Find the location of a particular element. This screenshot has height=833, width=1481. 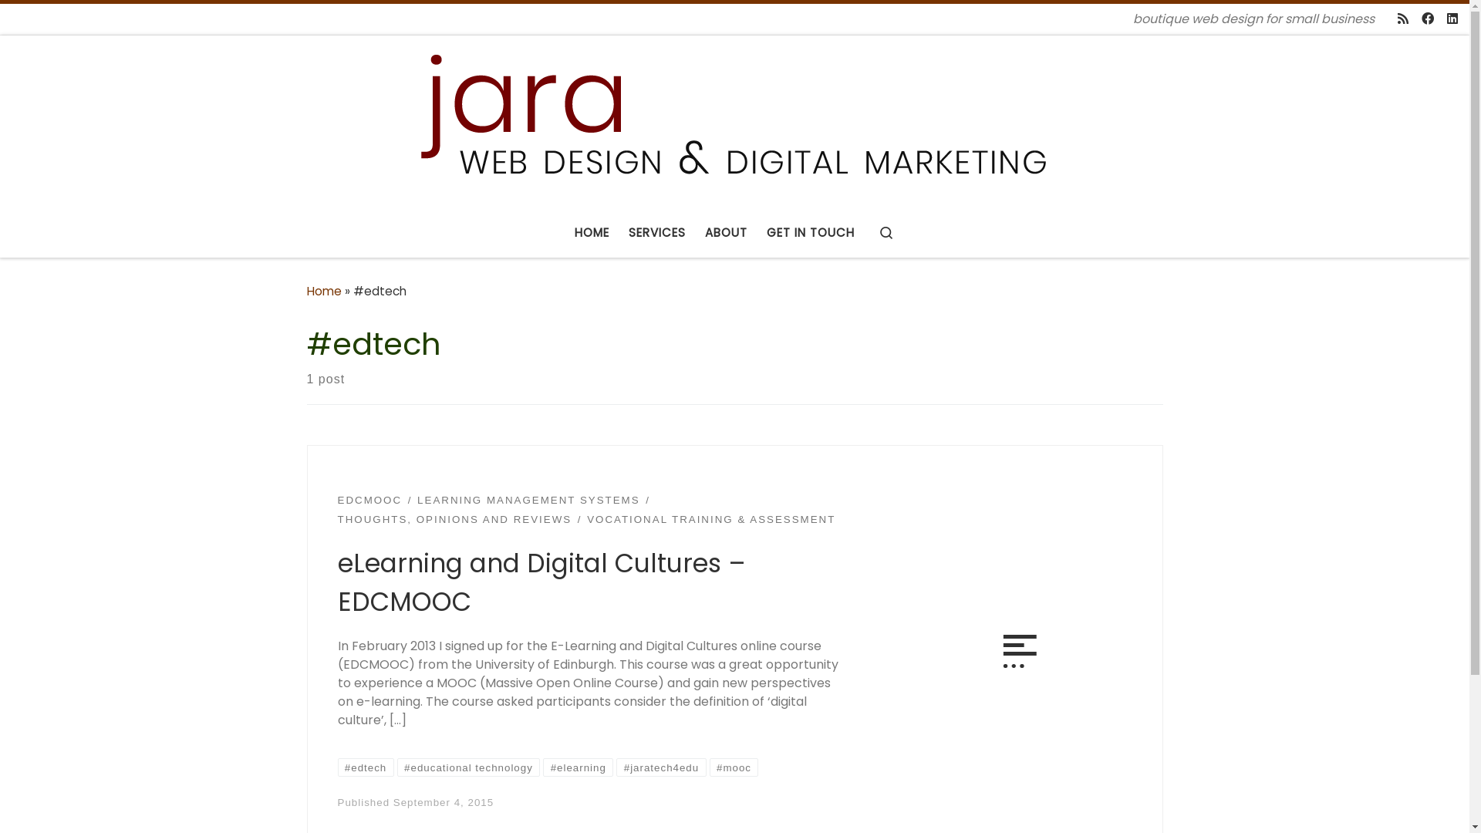

'VOCATIONAL TRAINING & ASSESSMENT' is located at coordinates (710, 520).